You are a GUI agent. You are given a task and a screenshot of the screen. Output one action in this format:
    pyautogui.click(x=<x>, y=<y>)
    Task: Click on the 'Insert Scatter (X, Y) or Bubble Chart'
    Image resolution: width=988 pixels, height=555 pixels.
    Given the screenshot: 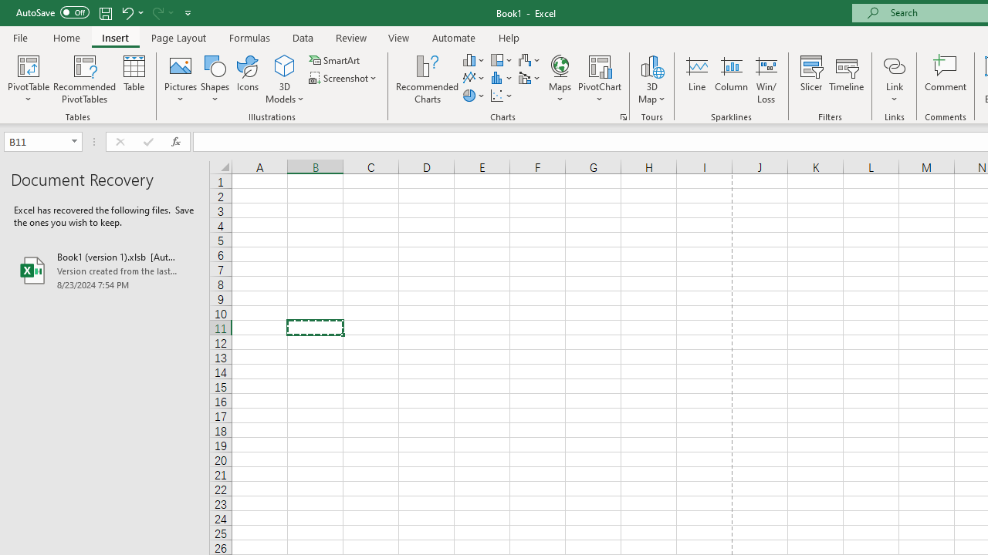 What is the action you would take?
    pyautogui.click(x=502, y=96)
    